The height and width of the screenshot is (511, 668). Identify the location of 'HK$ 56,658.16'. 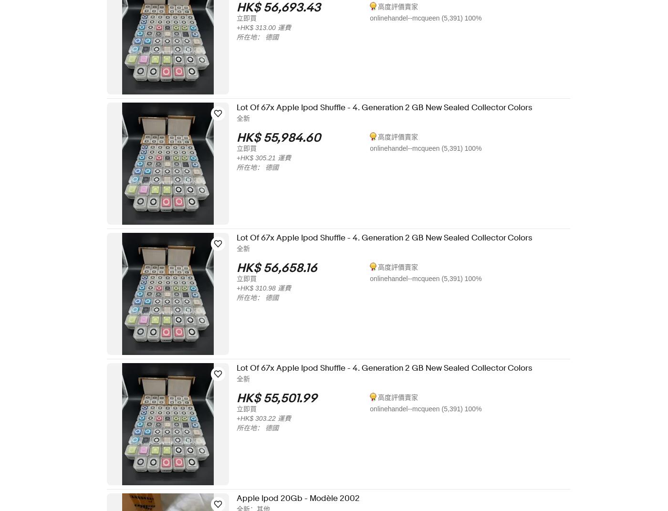
(283, 268).